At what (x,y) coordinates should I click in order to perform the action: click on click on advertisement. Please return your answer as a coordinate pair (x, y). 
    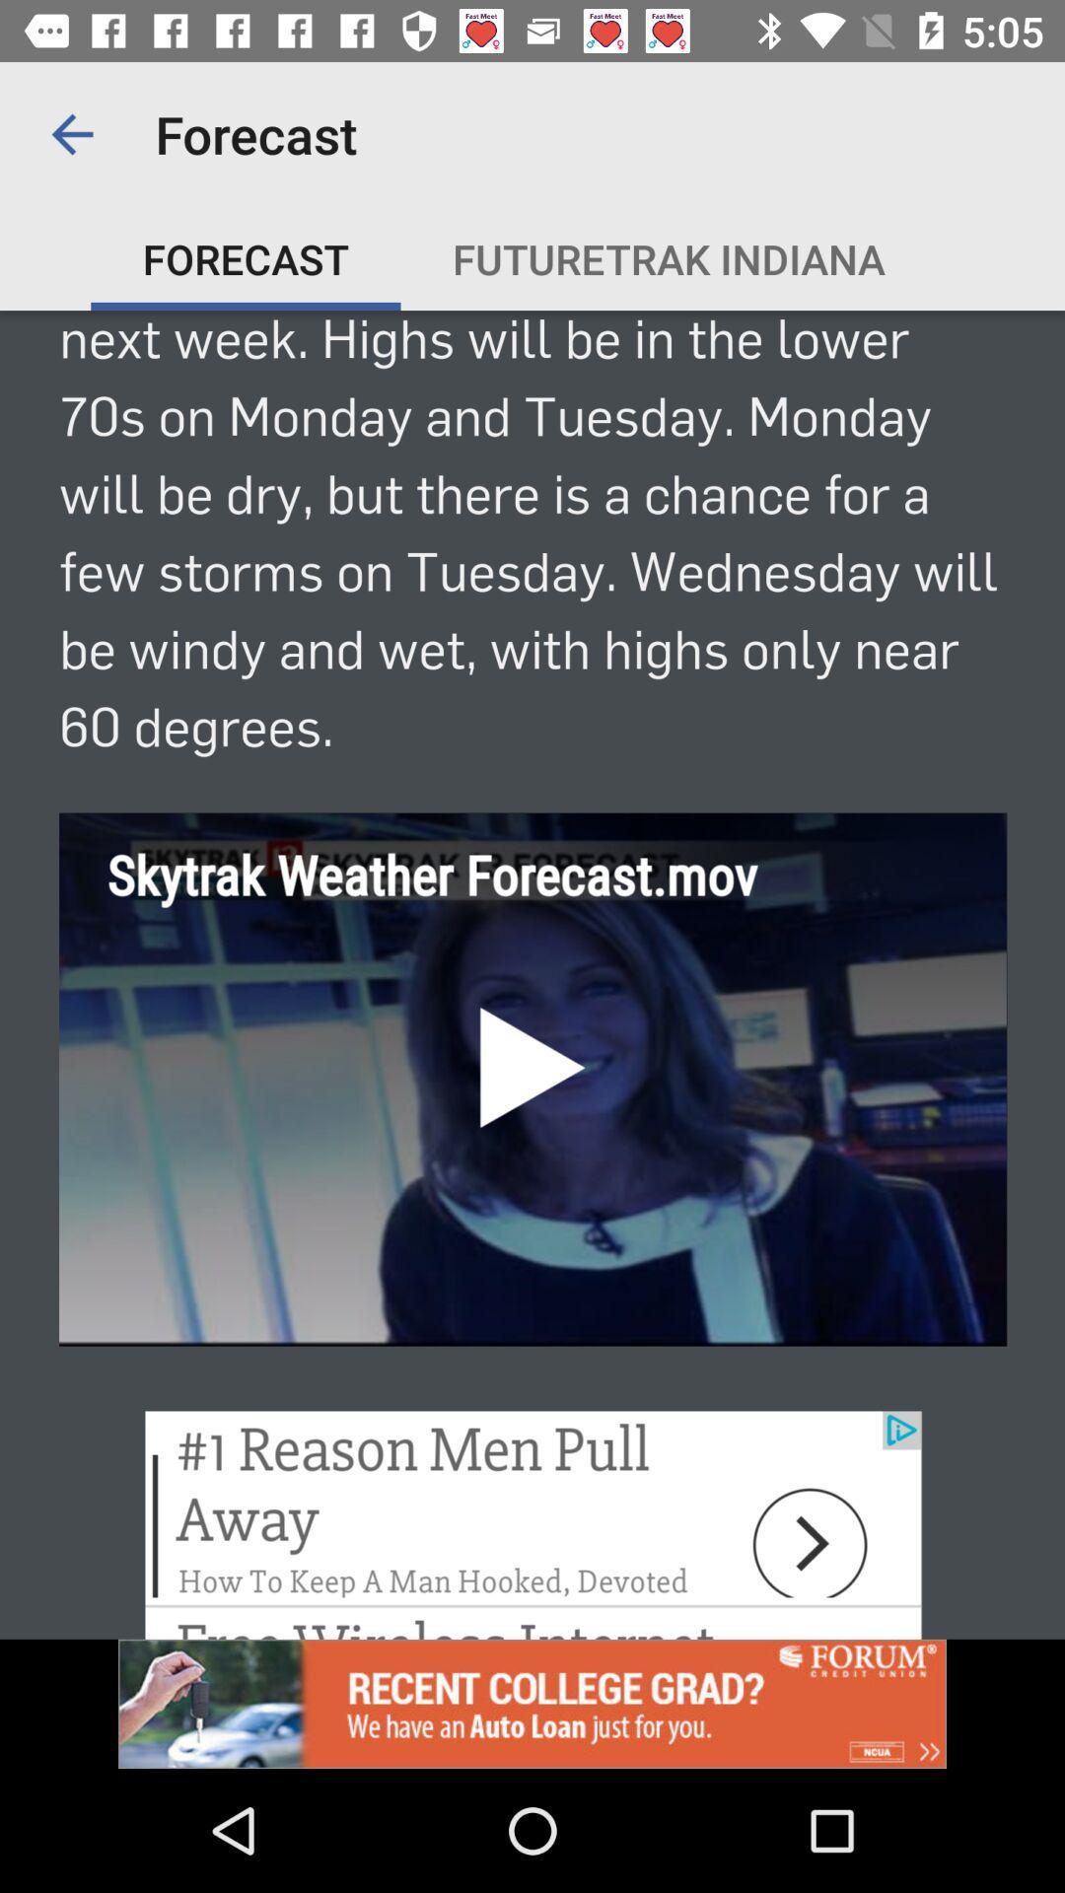
    Looking at the image, I should click on (532, 1703).